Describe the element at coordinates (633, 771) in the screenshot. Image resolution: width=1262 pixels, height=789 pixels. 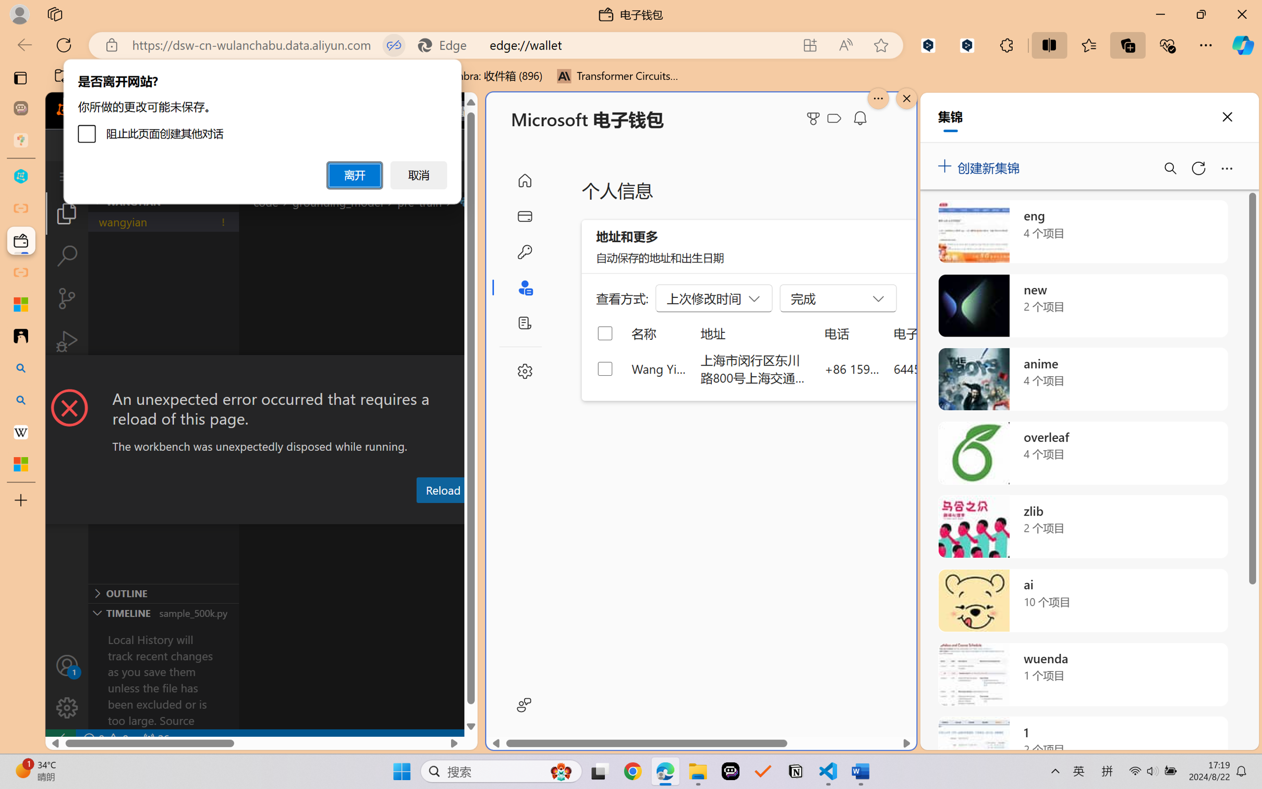
I see `'Google Chrome'` at that location.